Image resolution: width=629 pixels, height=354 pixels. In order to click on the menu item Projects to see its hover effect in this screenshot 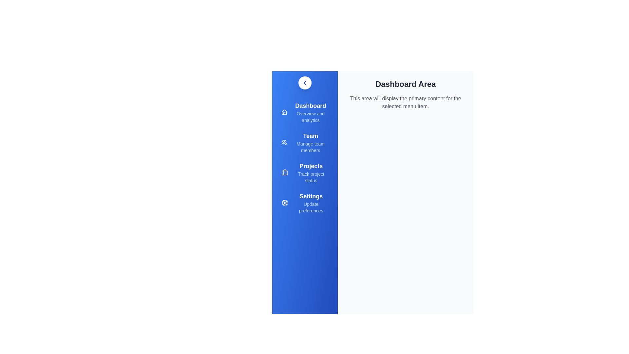, I will do `click(305, 172)`.